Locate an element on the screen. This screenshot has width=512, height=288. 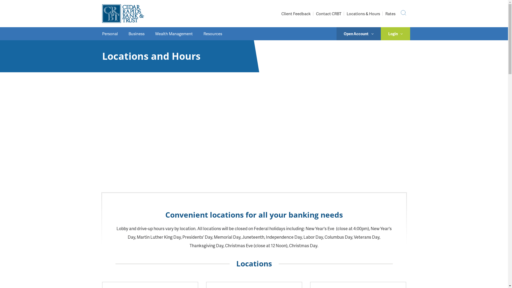
'Business' is located at coordinates (137, 34).